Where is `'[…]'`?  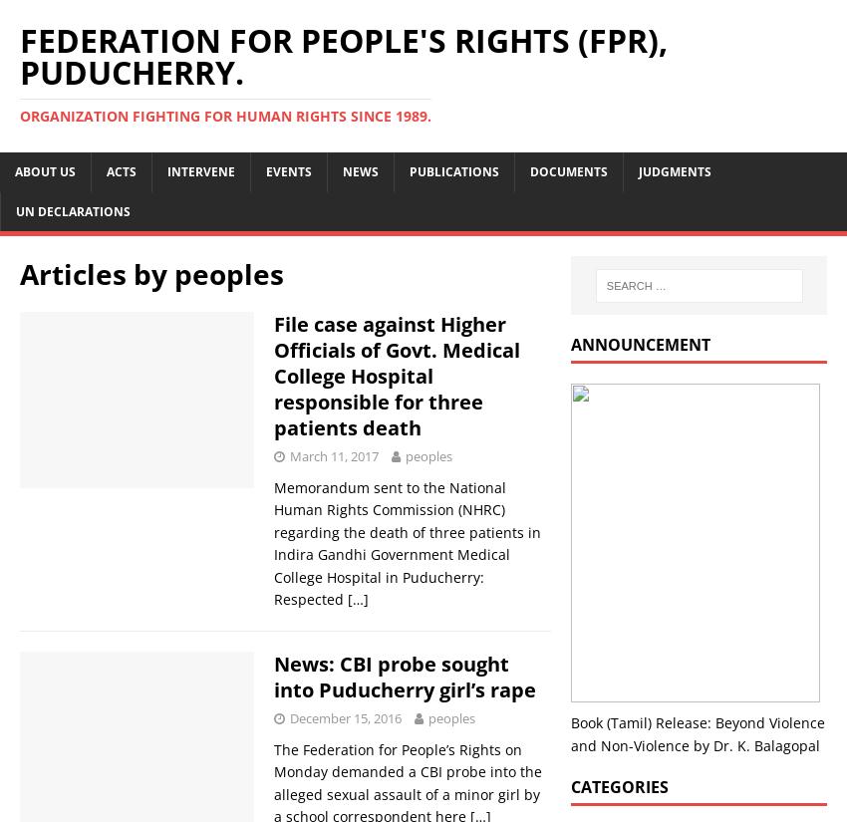
'[…]' is located at coordinates (347, 597).